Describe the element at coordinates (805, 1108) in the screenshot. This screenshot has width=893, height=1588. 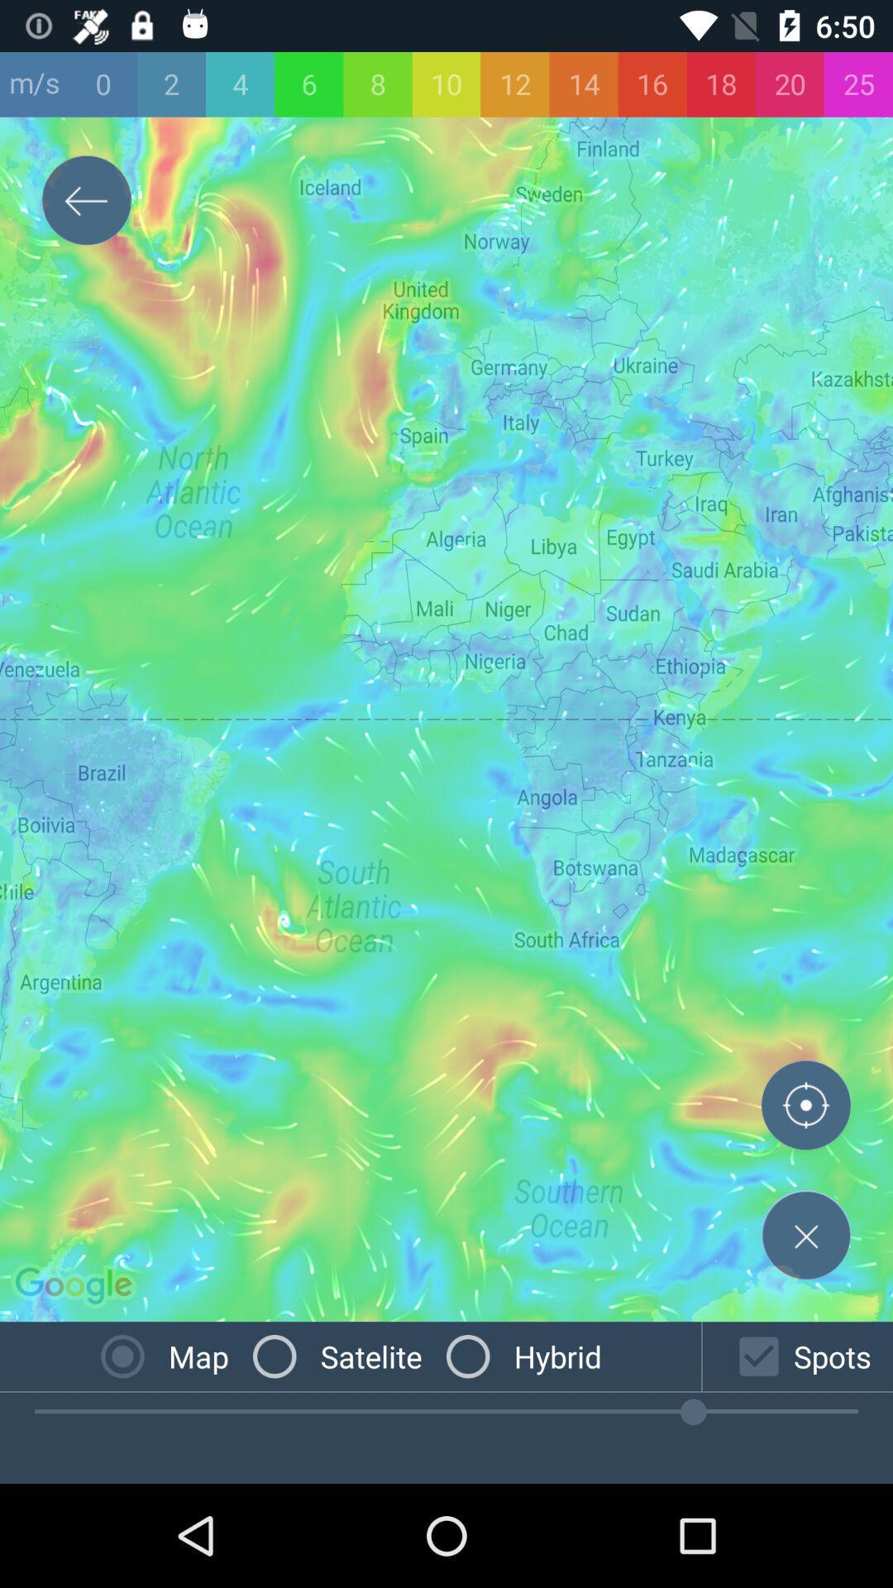
I see `the add icon` at that location.